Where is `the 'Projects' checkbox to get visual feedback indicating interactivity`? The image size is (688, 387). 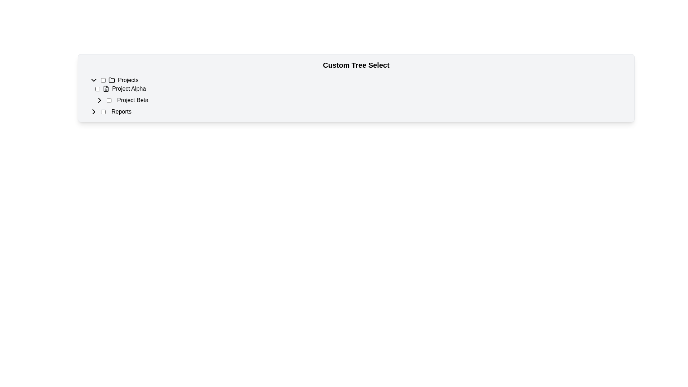 the 'Projects' checkbox to get visual feedback indicating interactivity is located at coordinates (103, 80).